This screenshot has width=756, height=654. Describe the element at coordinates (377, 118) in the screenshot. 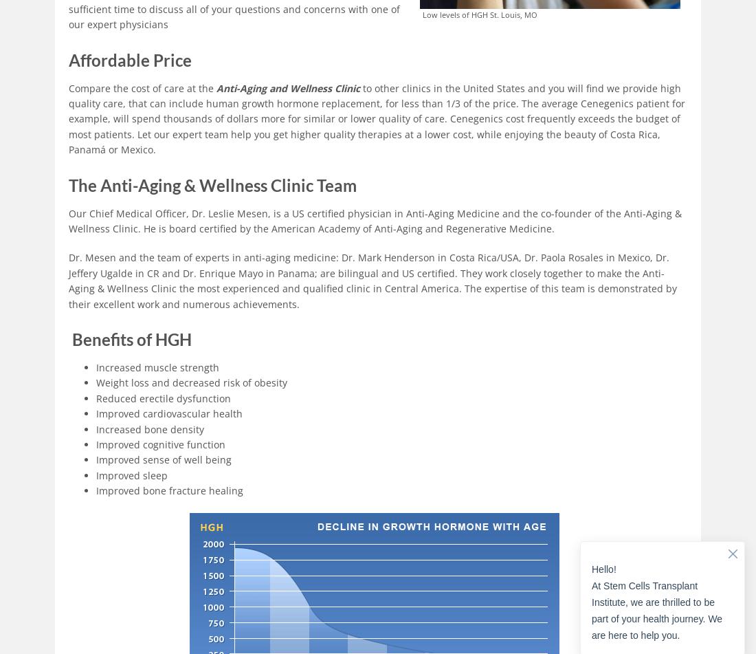

I see `'to other clinics in the United States and you will find we provide high quality care, that can include human growth hormone replacement, for less than 1/3 of the price. The average Cenegenics patient for example, will spend thousands of dollars more for similar or lower quality of care. Cenegenics cost frequently exceeds the budget of most patients. Let our expert team help you get higher quality therapies at a lower cost, while enjoying the beauty of Costa Rica, Panamá or Mexico.'` at that location.